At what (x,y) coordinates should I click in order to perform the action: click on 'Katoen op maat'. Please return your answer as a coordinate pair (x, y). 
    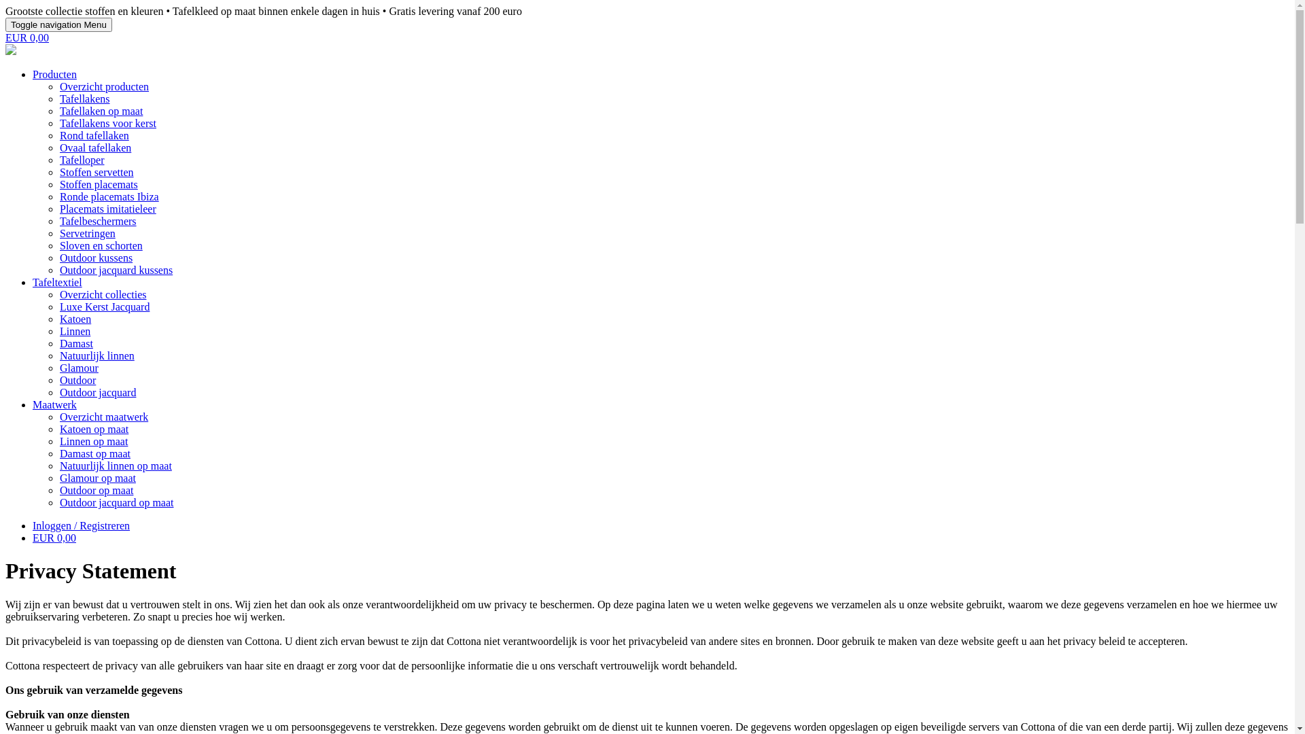
    Looking at the image, I should click on (58, 429).